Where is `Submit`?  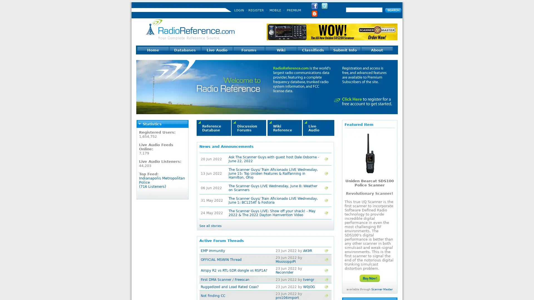 Submit is located at coordinates (392, 10).